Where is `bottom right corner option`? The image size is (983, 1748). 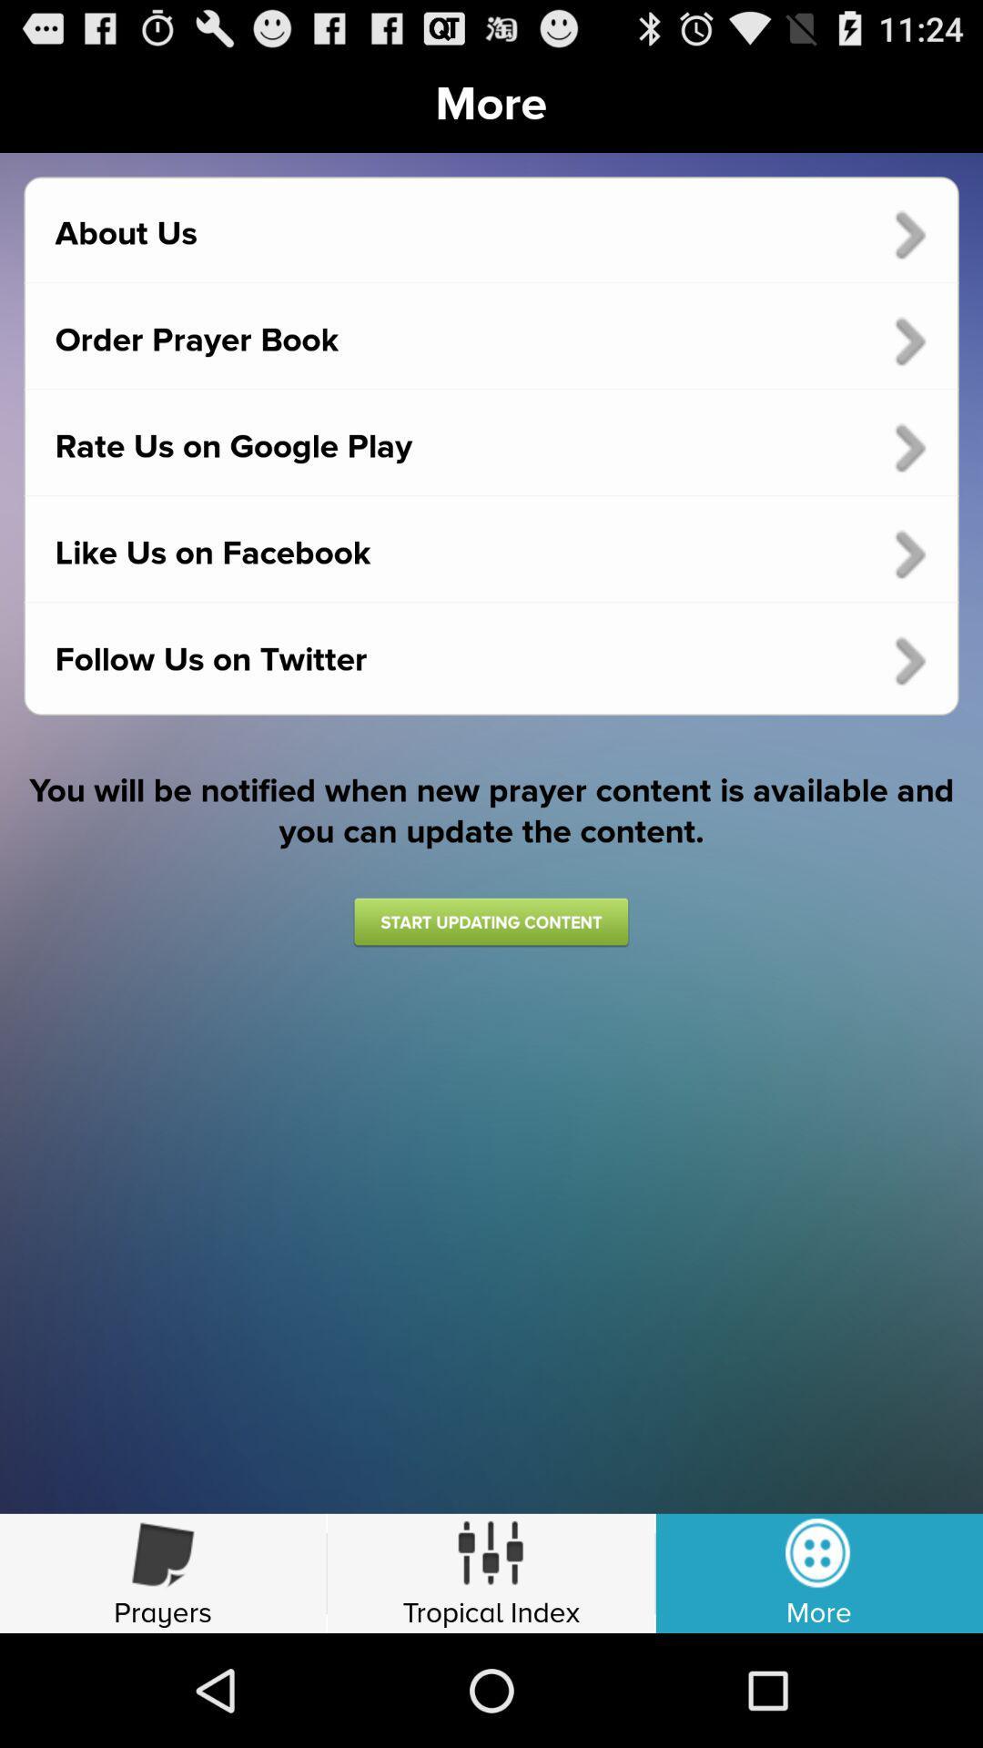 bottom right corner option is located at coordinates (819, 1572).